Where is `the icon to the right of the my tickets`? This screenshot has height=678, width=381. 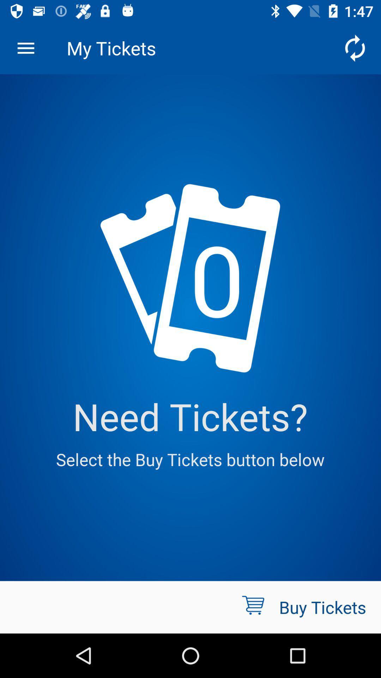 the icon to the right of the my tickets is located at coordinates (355, 48).